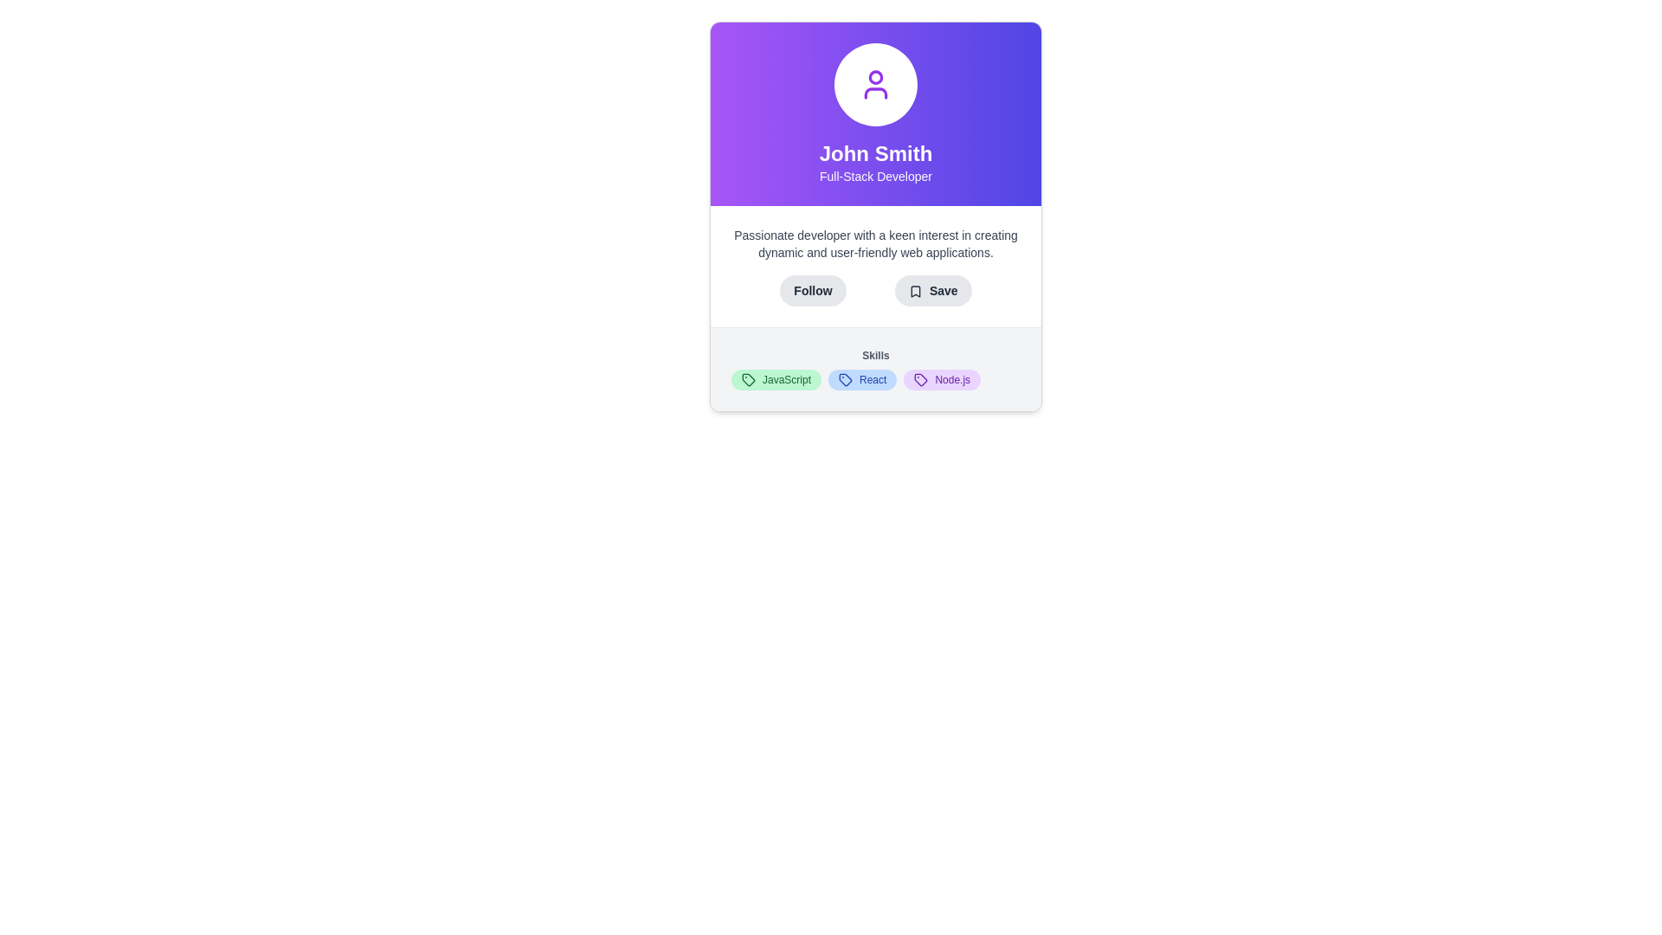  What do you see at coordinates (920, 379) in the screenshot?
I see `the small, stylized purple tag icon with a circular dot, located to the left of the 'Node.js' text in the 'Skills' section of the badge` at bounding box center [920, 379].